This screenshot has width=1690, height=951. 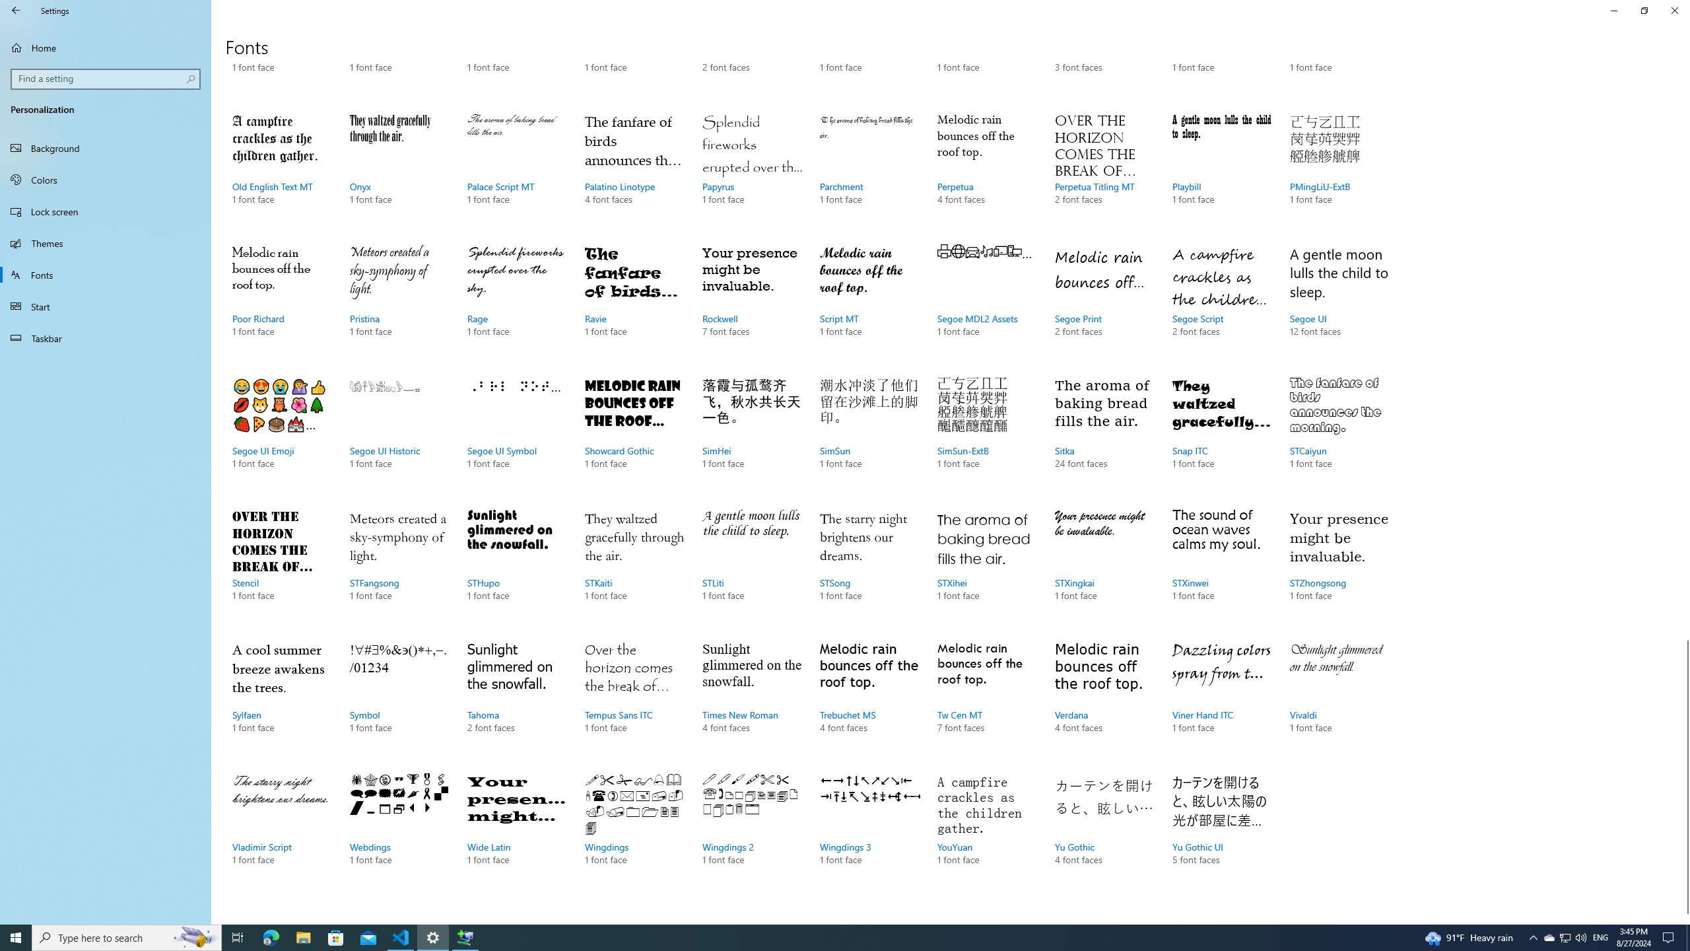 What do you see at coordinates (1644, 10) in the screenshot?
I see `'Restore Settings'` at bounding box center [1644, 10].